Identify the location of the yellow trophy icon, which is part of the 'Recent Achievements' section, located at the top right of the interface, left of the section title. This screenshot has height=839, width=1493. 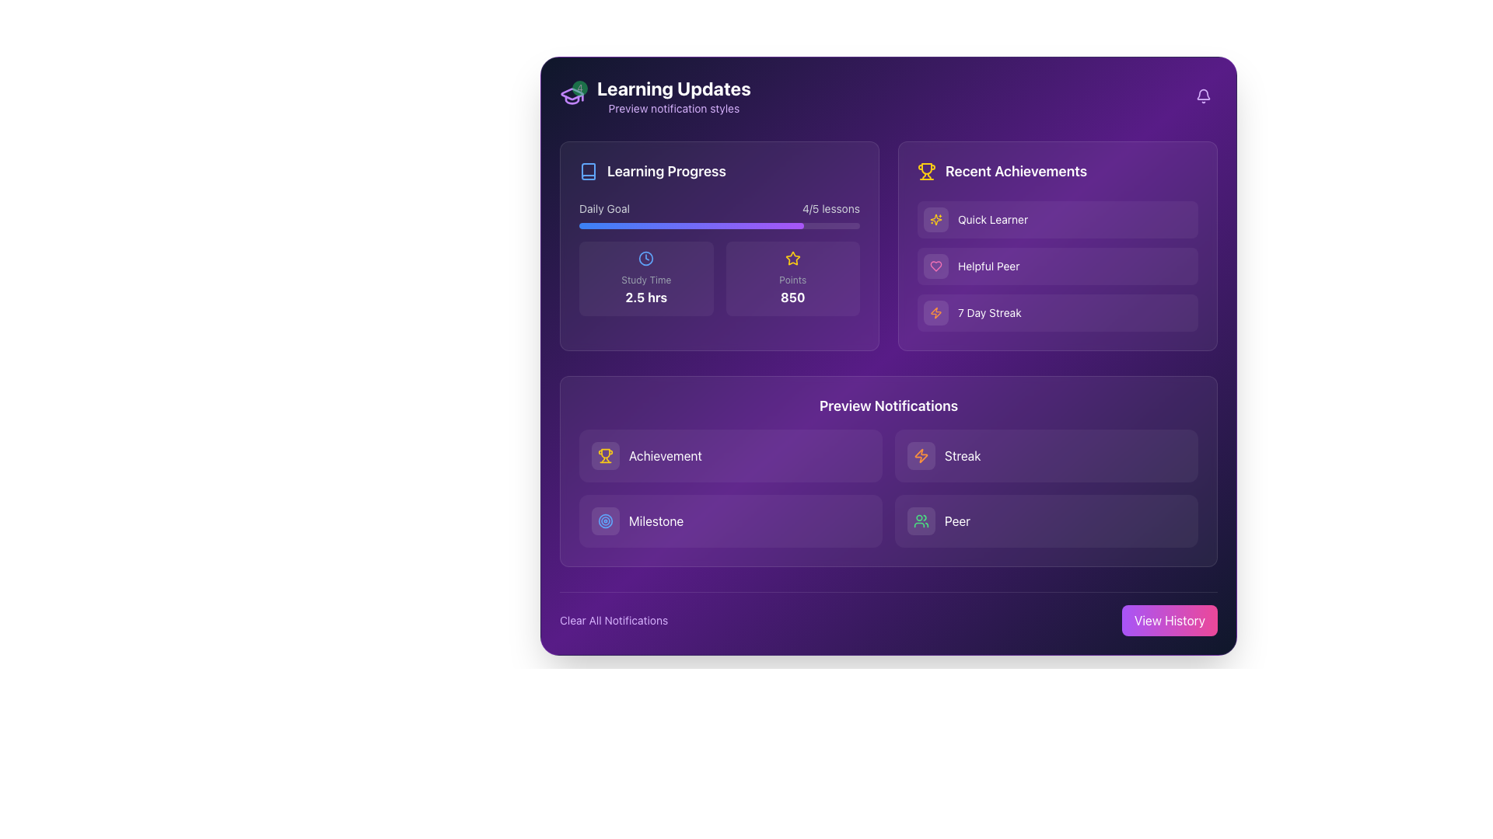
(926, 171).